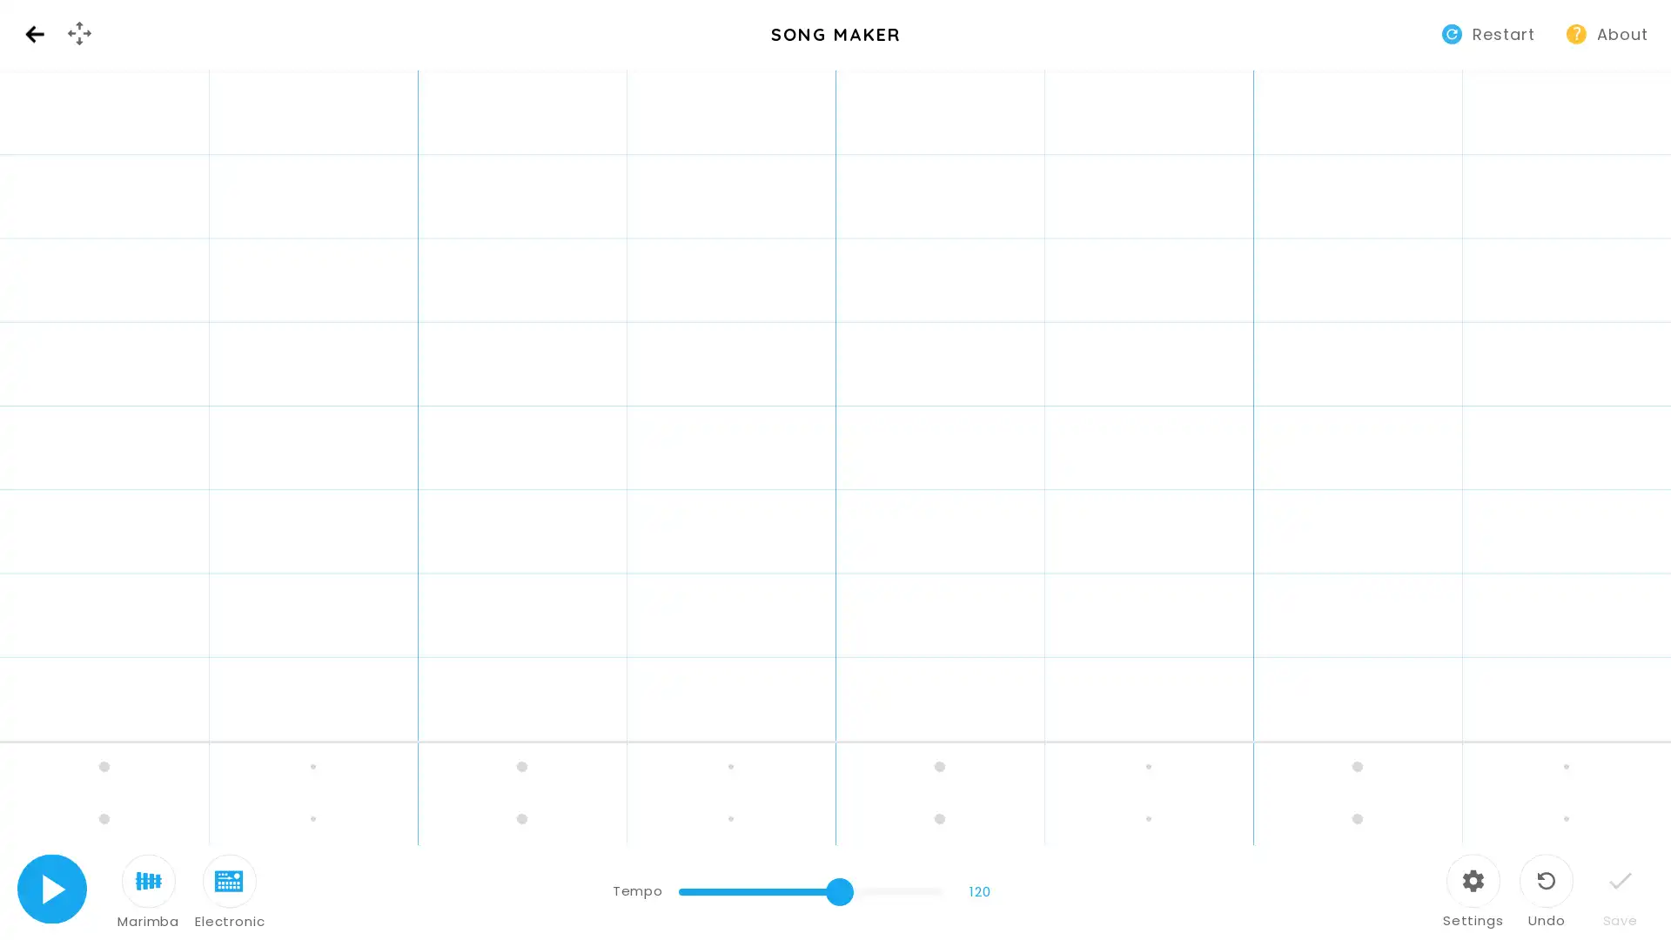 This screenshot has width=1671, height=940. I want to click on GamePad Menu, so click(78, 33).